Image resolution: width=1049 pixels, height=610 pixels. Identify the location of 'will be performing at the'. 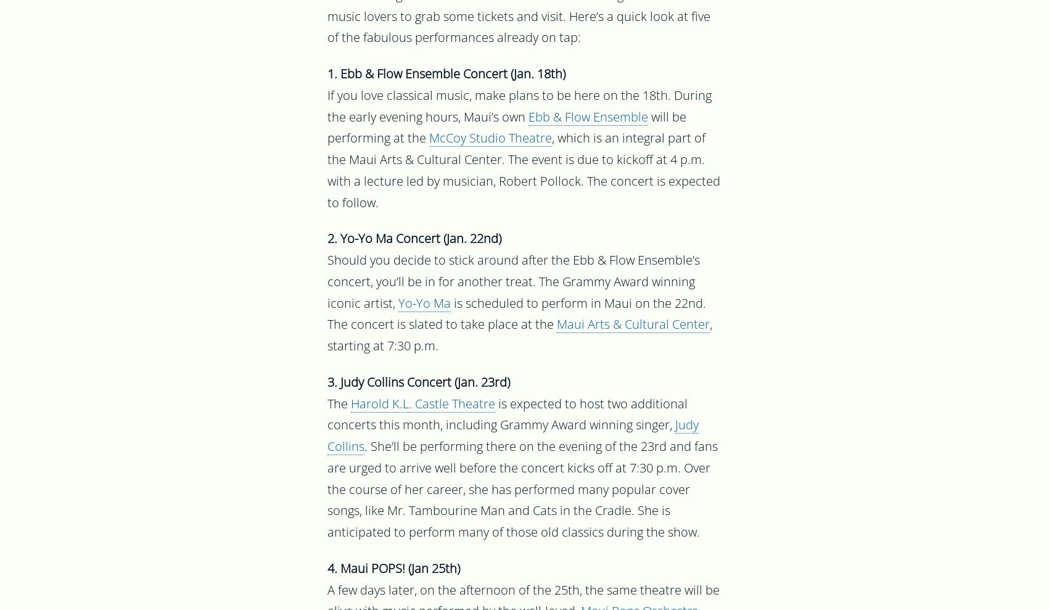
(506, 129).